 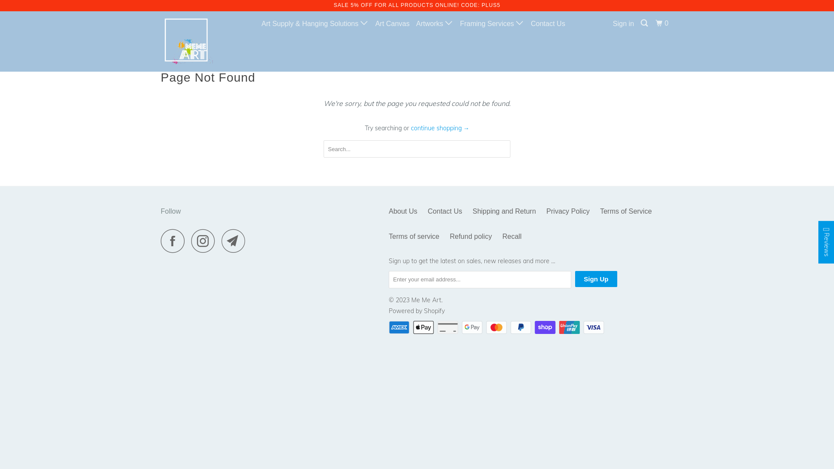 I want to click on 'Terms of service', so click(x=414, y=236).